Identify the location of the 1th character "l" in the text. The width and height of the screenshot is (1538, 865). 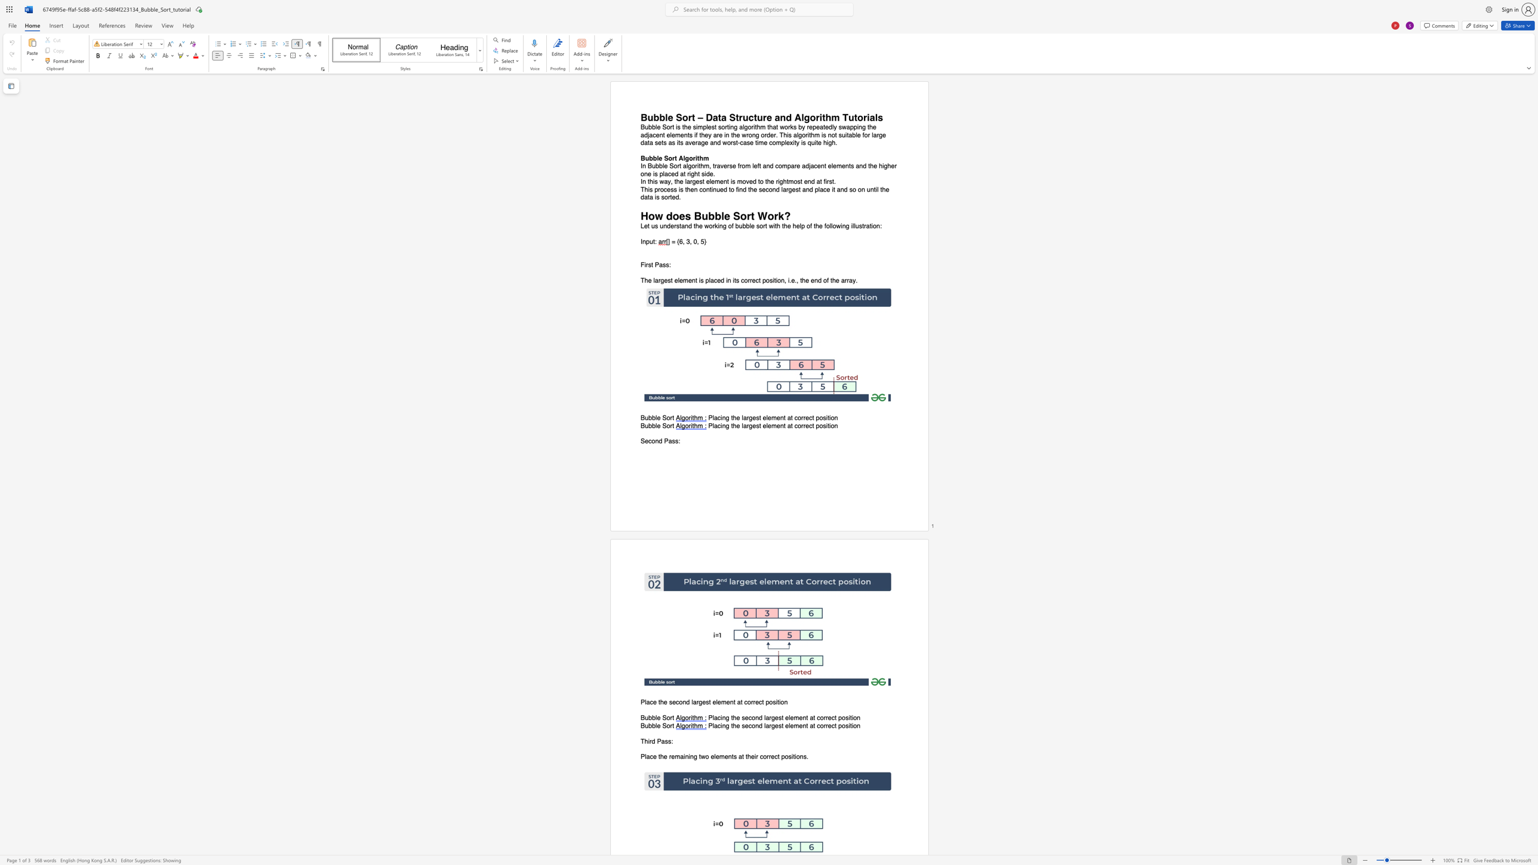
(656, 725).